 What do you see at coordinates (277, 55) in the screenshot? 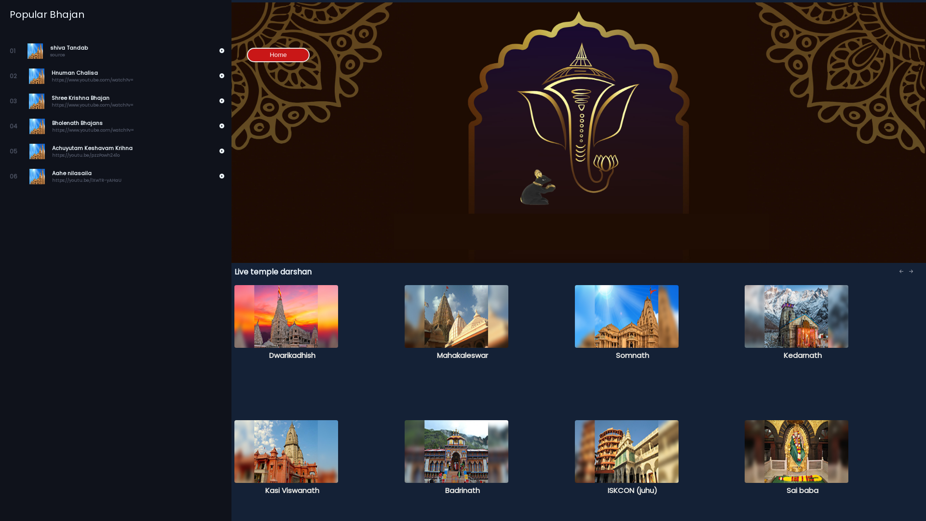
I see `'Home'` at bounding box center [277, 55].